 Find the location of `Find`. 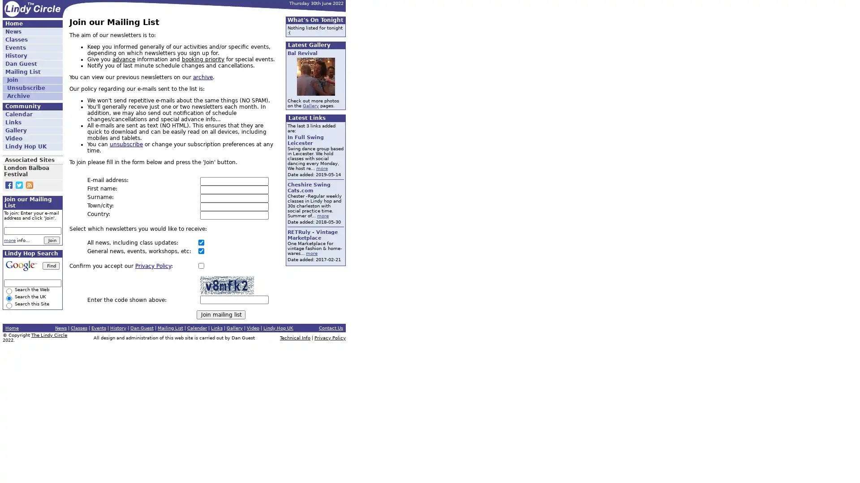

Find is located at coordinates (51, 265).